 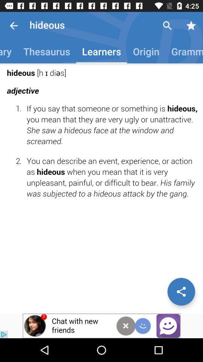 I want to click on the share icon, so click(x=181, y=291).